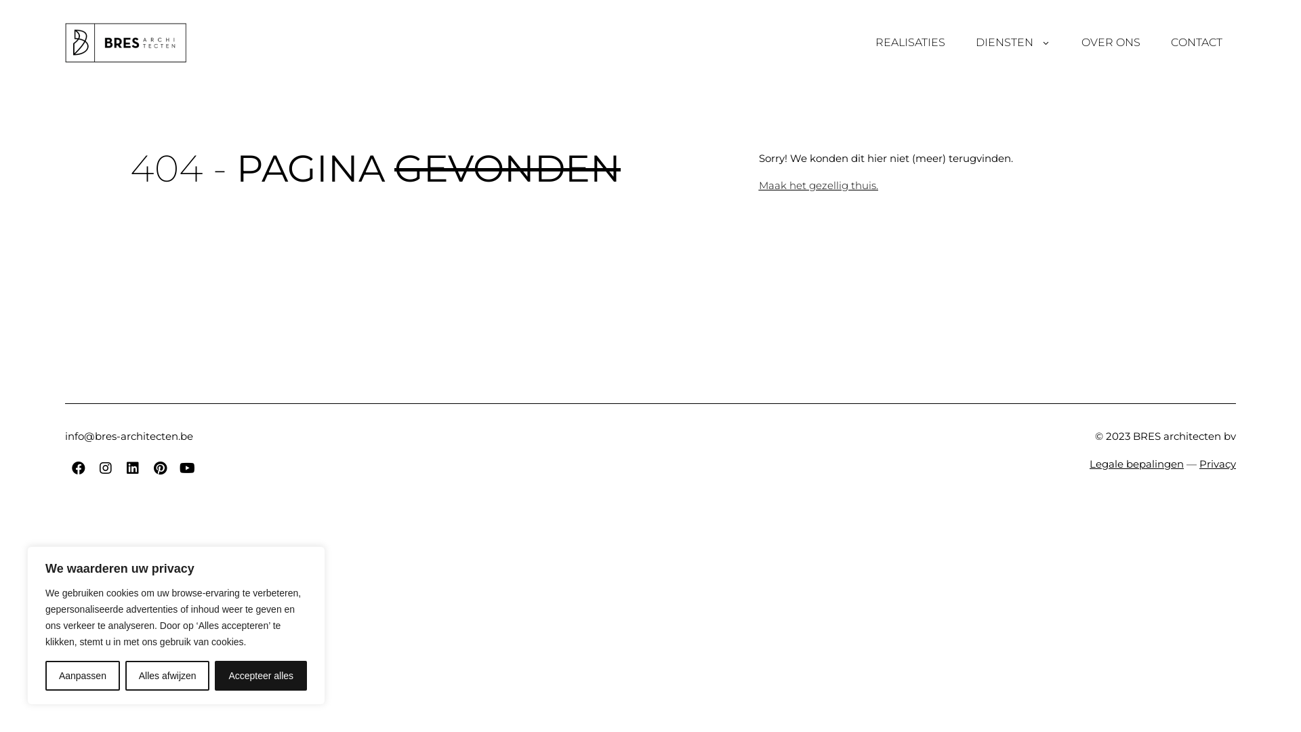 This screenshot has width=1301, height=732. What do you see at coordinates (1197, 41) in the screenshot?
I see `'CONTACT'` at bounding box center [1197, 41].